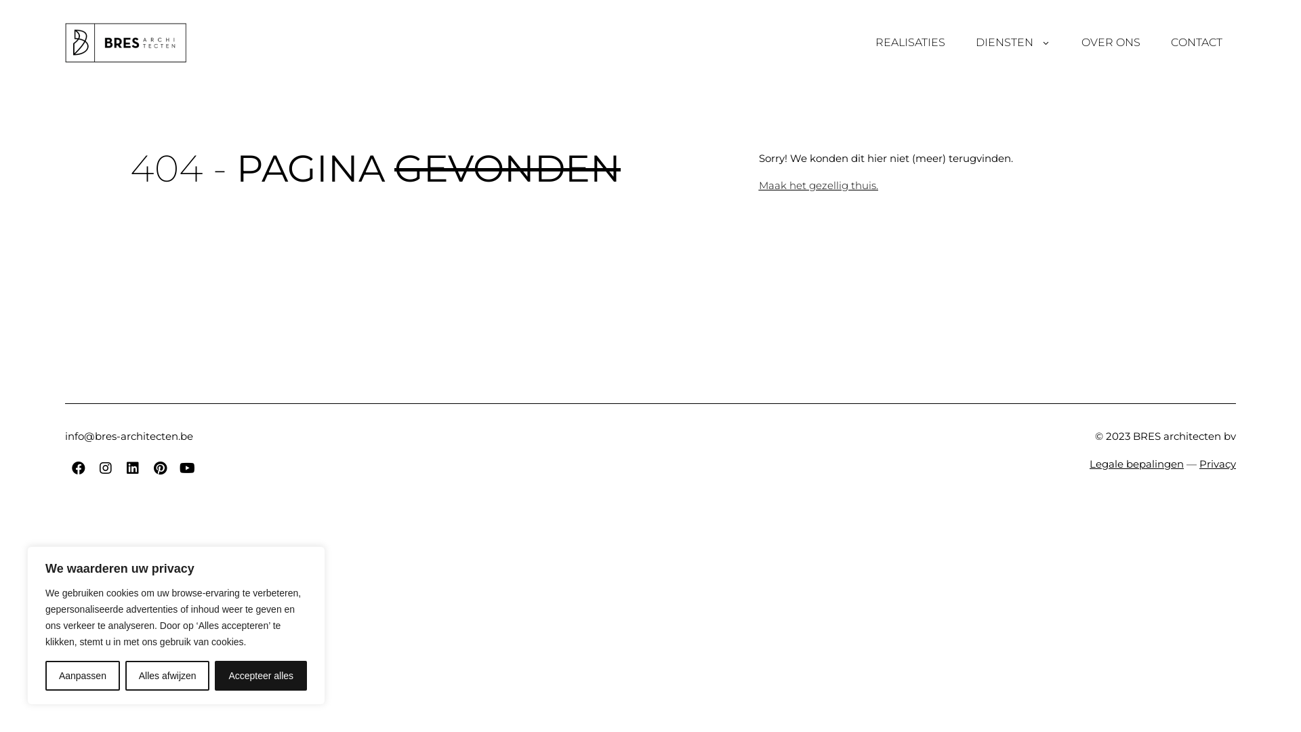 This screenshot has width=1301, height=732. What do you see at coordinates (1197, 41) in the screenshot?
I see `'CONTACT'` at bounding box center [1197, 41].